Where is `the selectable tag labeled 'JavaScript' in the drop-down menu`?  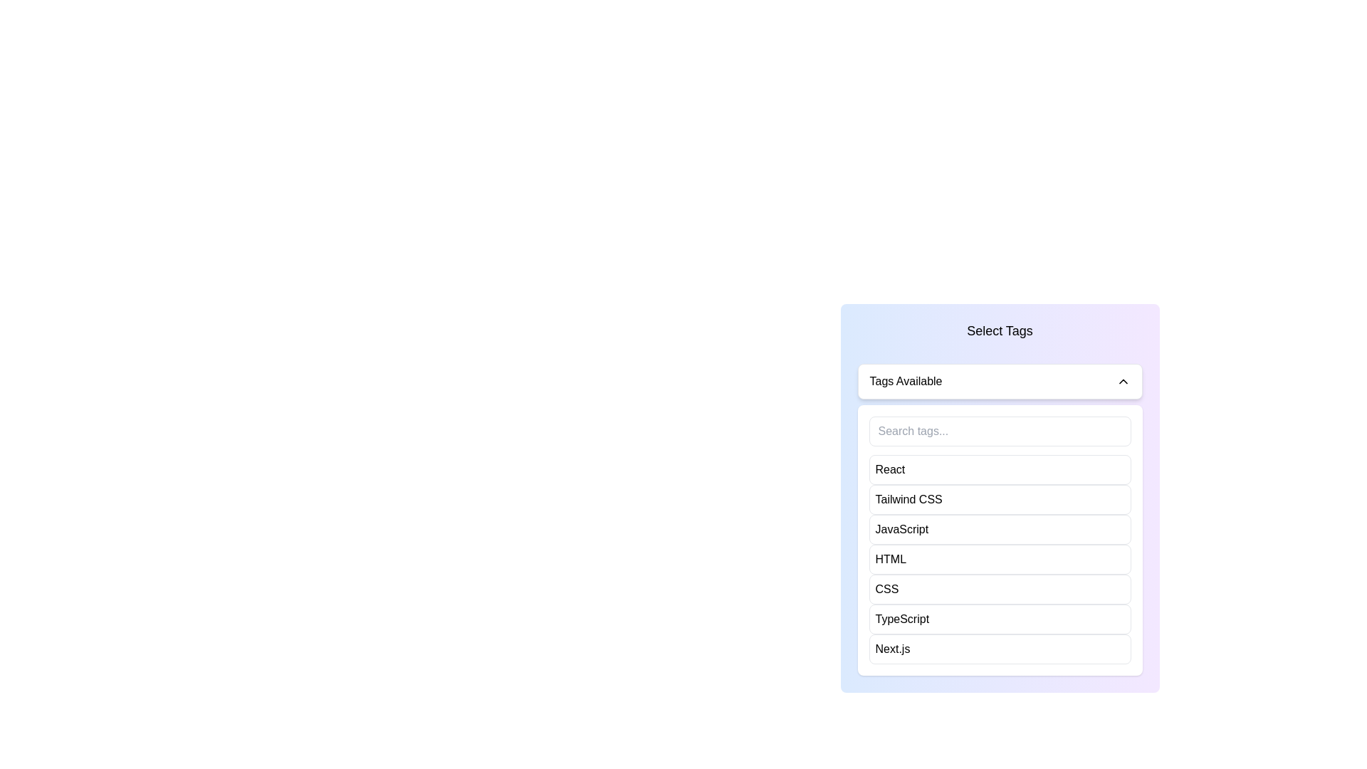 the selectable tag labeled 'JavaScript' in the drop-down menu is located at coordinates (999, 530).